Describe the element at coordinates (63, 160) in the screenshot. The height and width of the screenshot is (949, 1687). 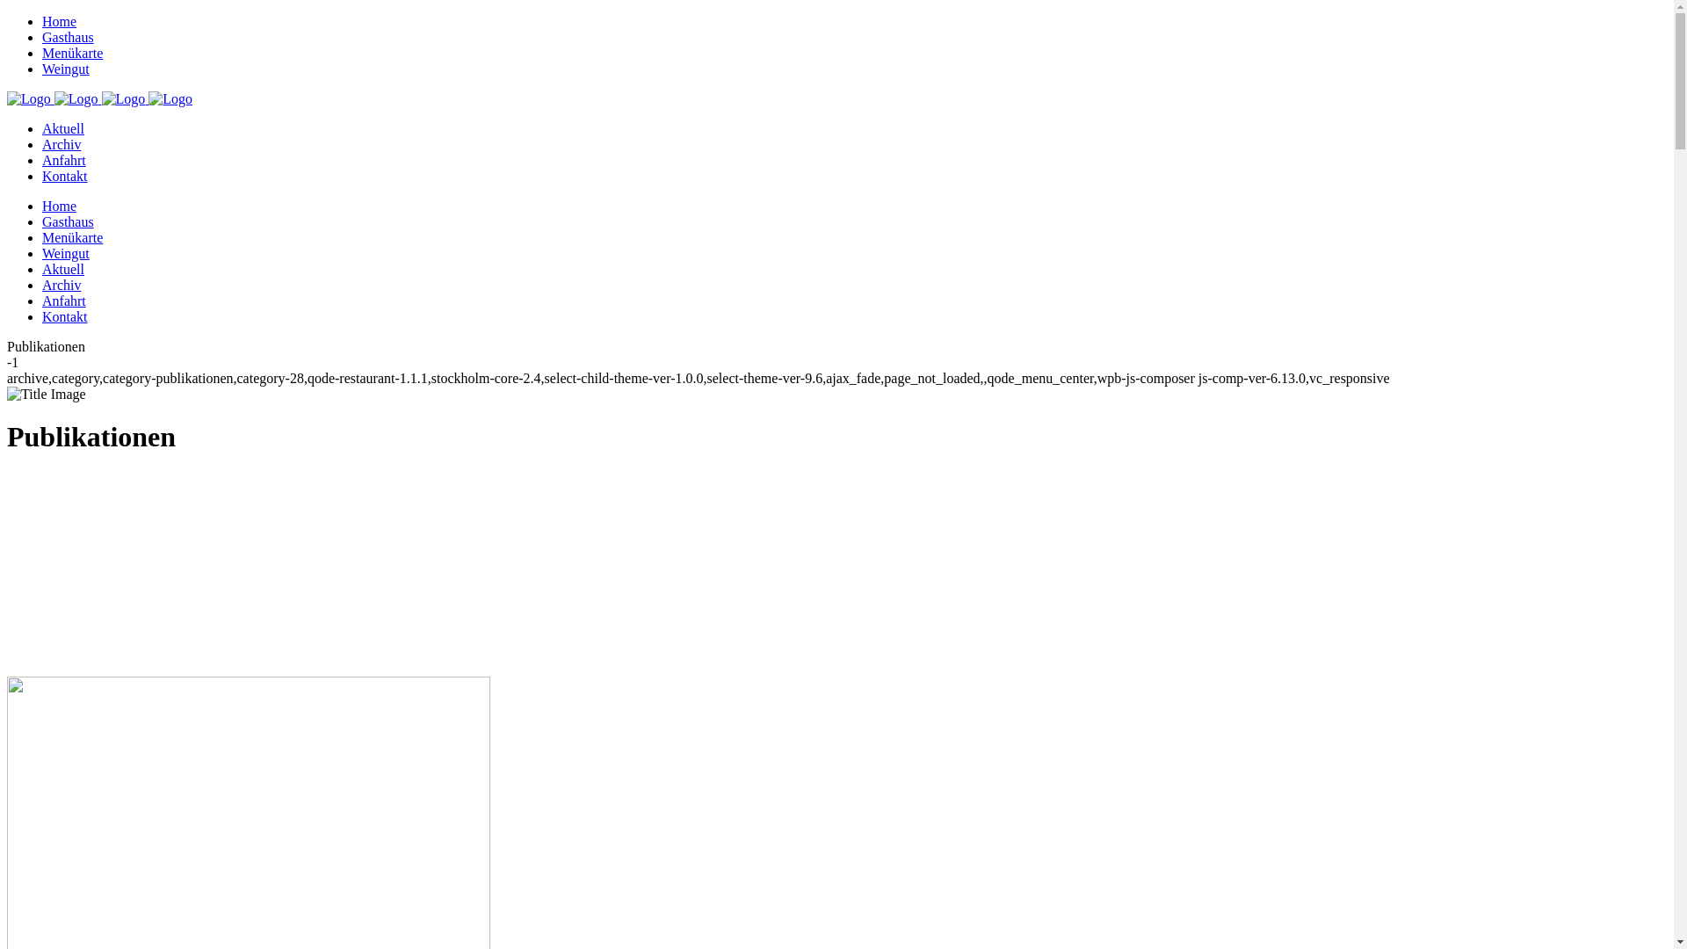
I see `'Anfahrt'` at that location.